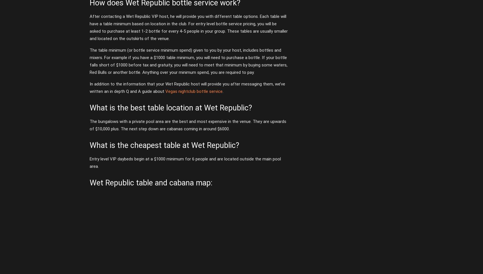 This screenshot has width=483, height=274. I want to click on 'Vegas nightclub bottle service', so click(194, 91).